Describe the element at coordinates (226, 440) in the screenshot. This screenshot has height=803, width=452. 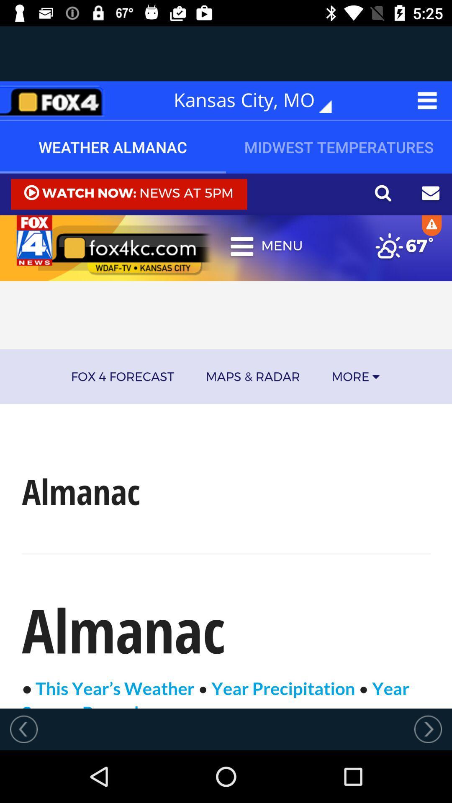
I see `fox4kc.com screen` at that location.